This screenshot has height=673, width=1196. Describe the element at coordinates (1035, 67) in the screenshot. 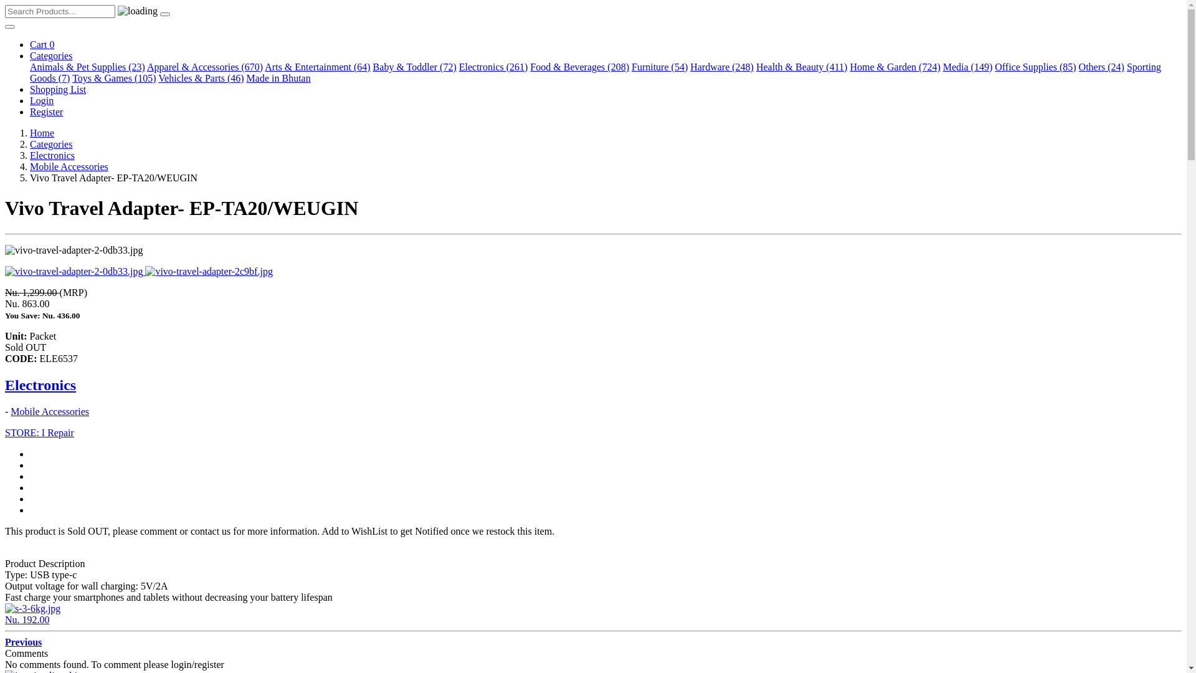

I see `'Office Supplies (85)'` at that location.